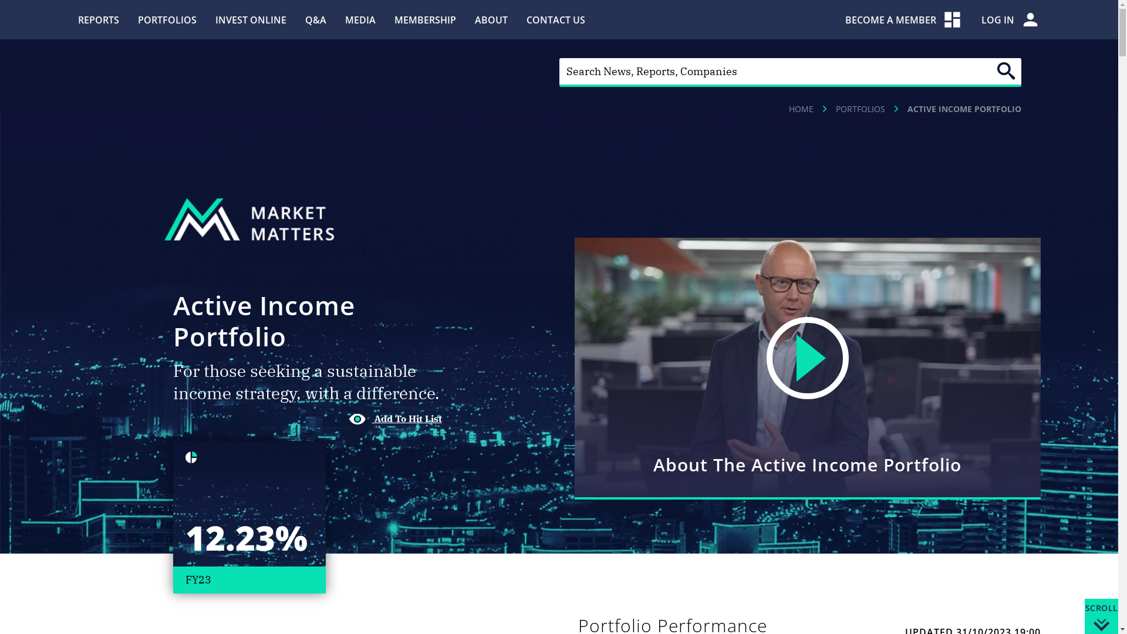 This screenshot has height=634, width=1127. Describe the element at coordinates (1005, 70) in the screenshot. I see `'Search Submit'` at that location.